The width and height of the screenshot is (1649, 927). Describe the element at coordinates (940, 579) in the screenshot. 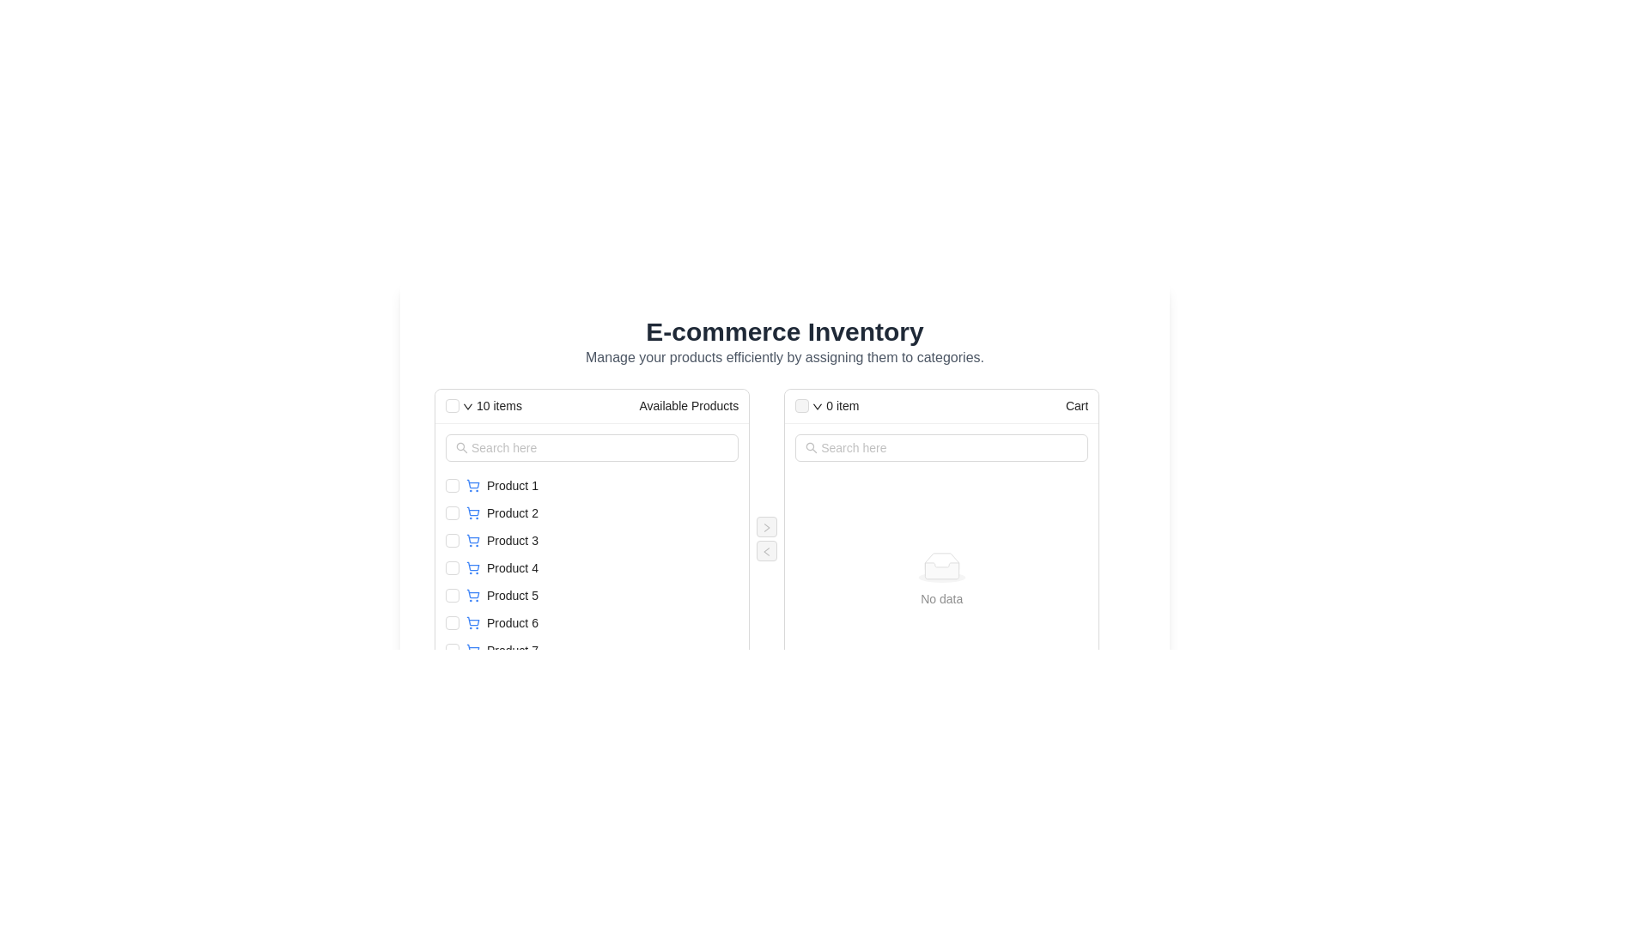

I see `the informational placeholder UI component in the 'Cart' section that displays the 'No data' message` at that location.